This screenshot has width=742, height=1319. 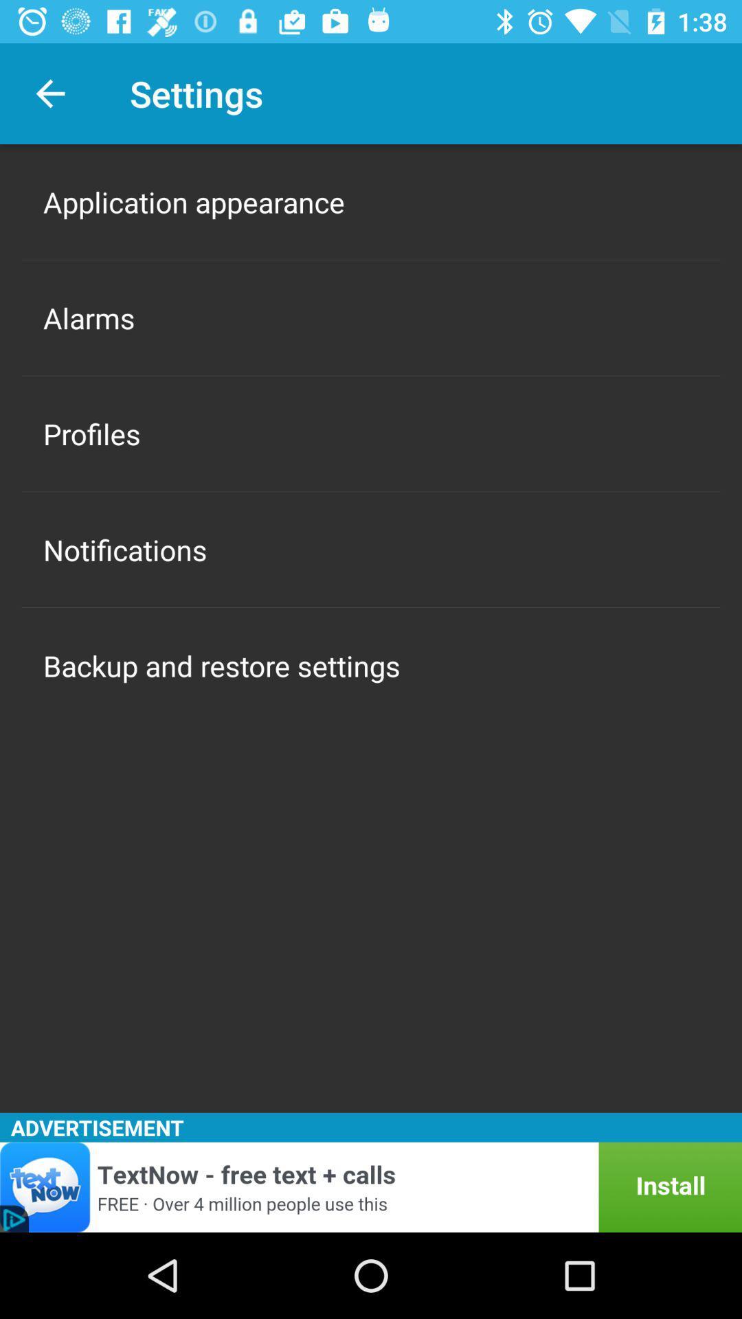 I want to click on click for advertisement, so click(x=371, y=1186).